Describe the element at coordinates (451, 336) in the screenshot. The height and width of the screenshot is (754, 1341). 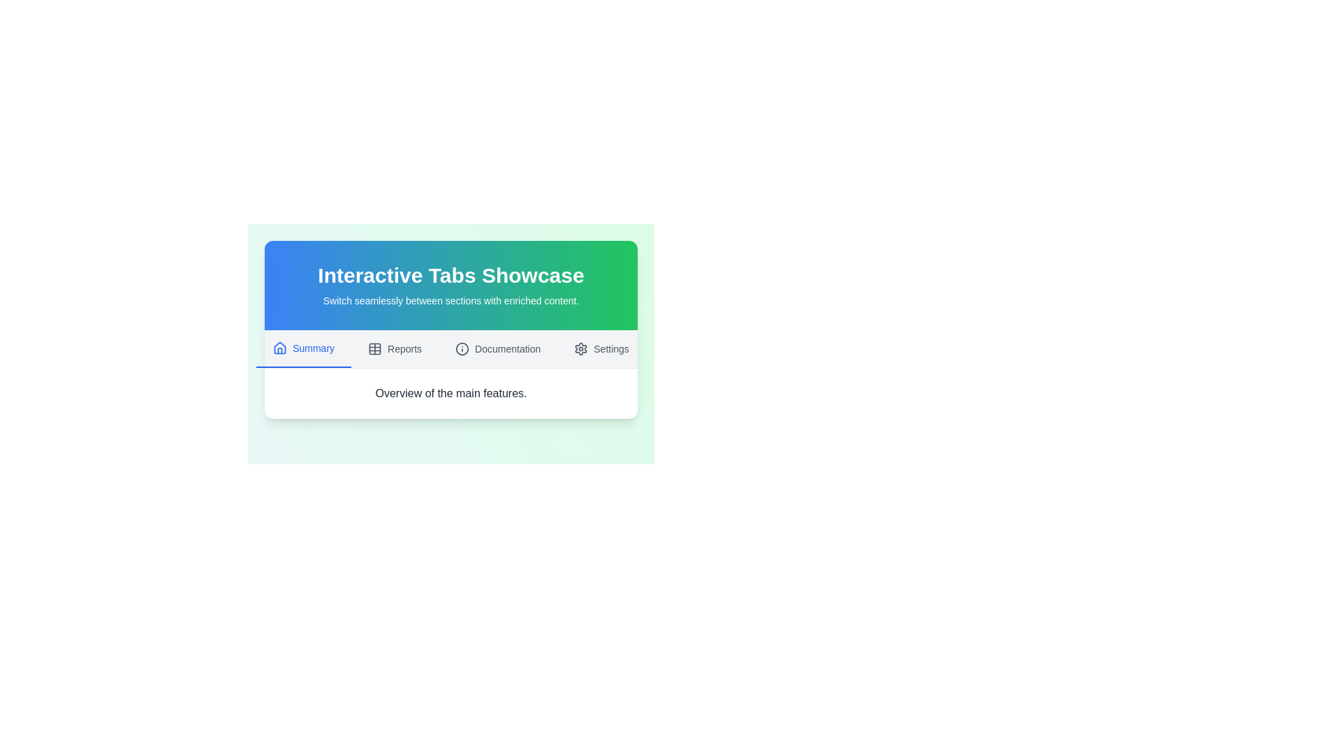
I see `the navigation tab within the composite UI element that serves as a navigation and informational display interface` at that location.